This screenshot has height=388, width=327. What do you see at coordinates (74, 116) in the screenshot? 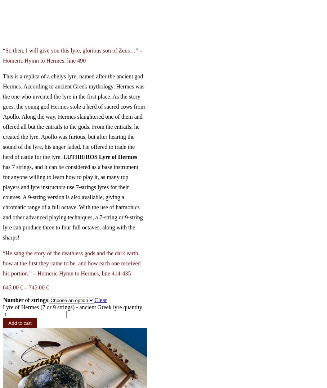
I see `'This is a replica of a chelys lyre, named after the ancient god Hermes. According to ancient Greek mythology, Hermes was the one who invented the lyre in the first place. As the story goes, the young god Hermes stole a herd of sacred cows from Apollo. Along the way, Hermes slaughtered one of them and offered all but the entrails to the gods. From the entrails, he created the lyre. Apollo was furious, but after hearing the sound of the lyre, his anger faded. He offered to trade the herd of cattle for the lyre.'` at bounding box center [74, 116].